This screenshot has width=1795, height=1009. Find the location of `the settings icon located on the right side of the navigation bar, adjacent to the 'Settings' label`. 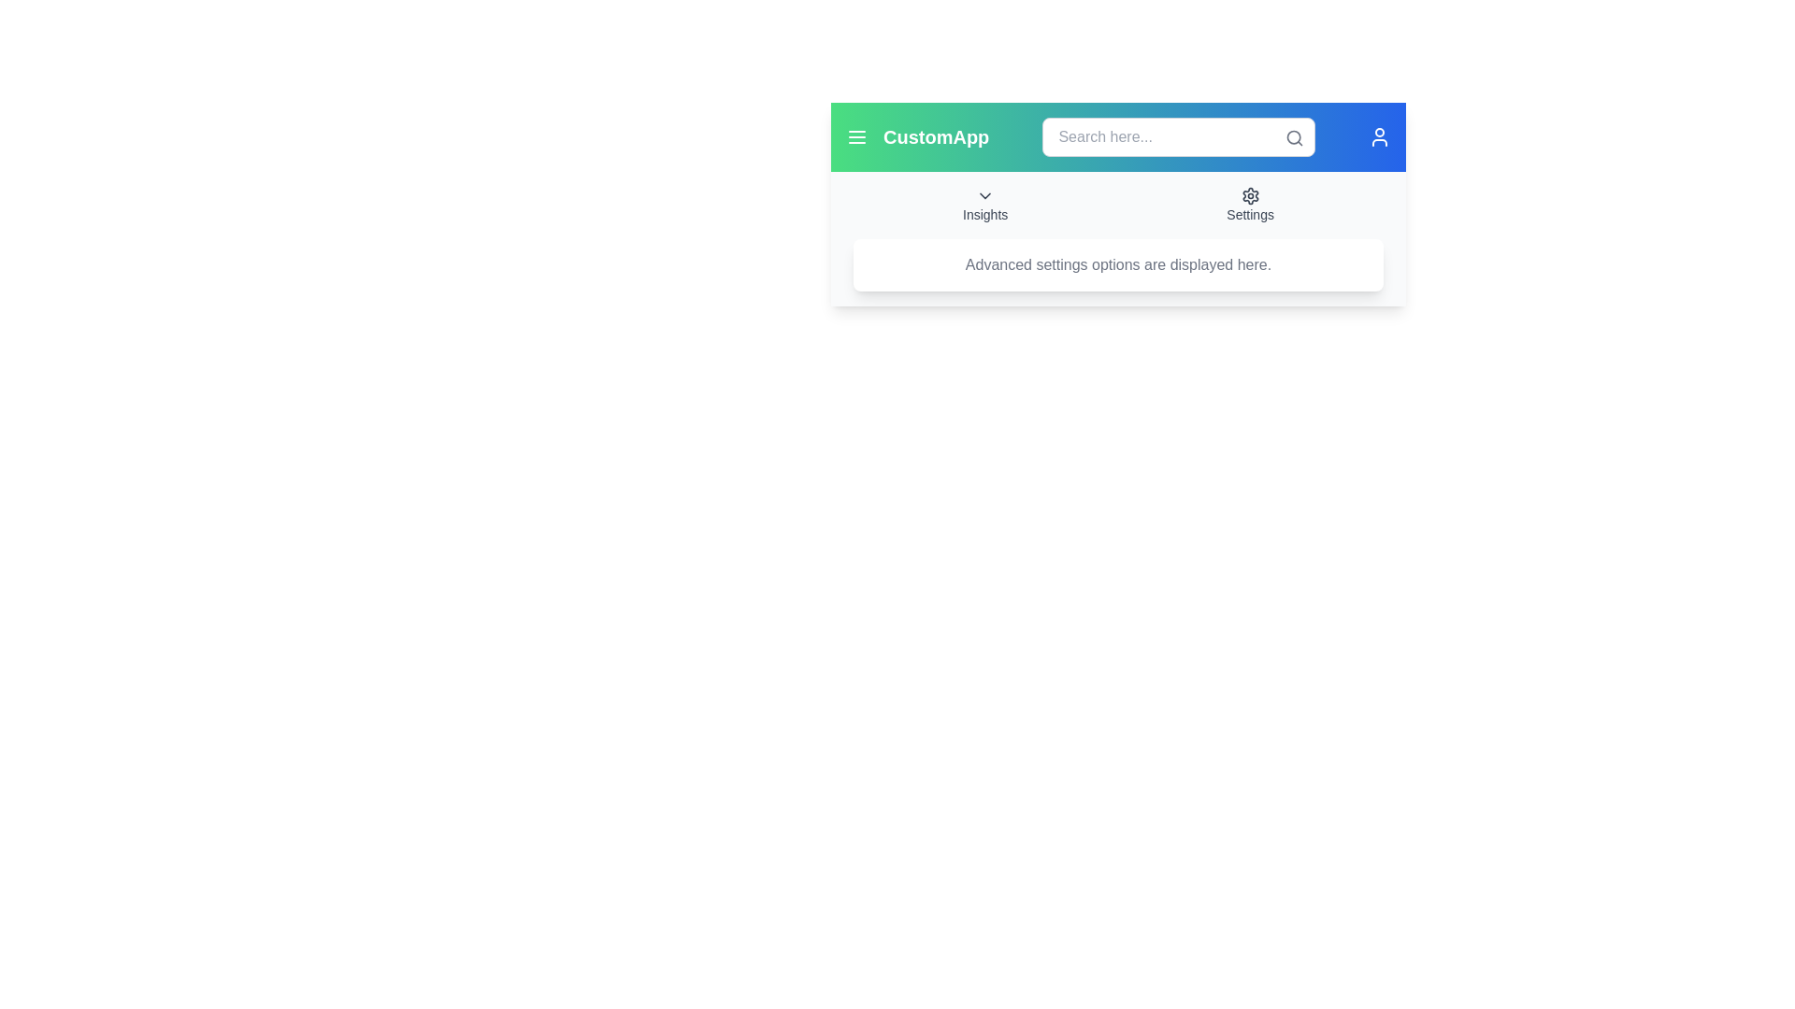

the settings icon located on the right side of the navigation bar, adjacent to the 'Settings' label is located at coordinates (1250, 195).